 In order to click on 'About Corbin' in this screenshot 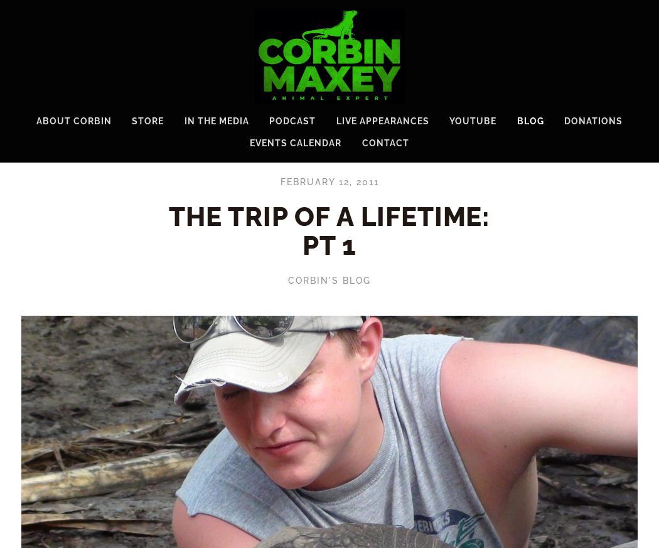, I will do `click(35, 119)`.